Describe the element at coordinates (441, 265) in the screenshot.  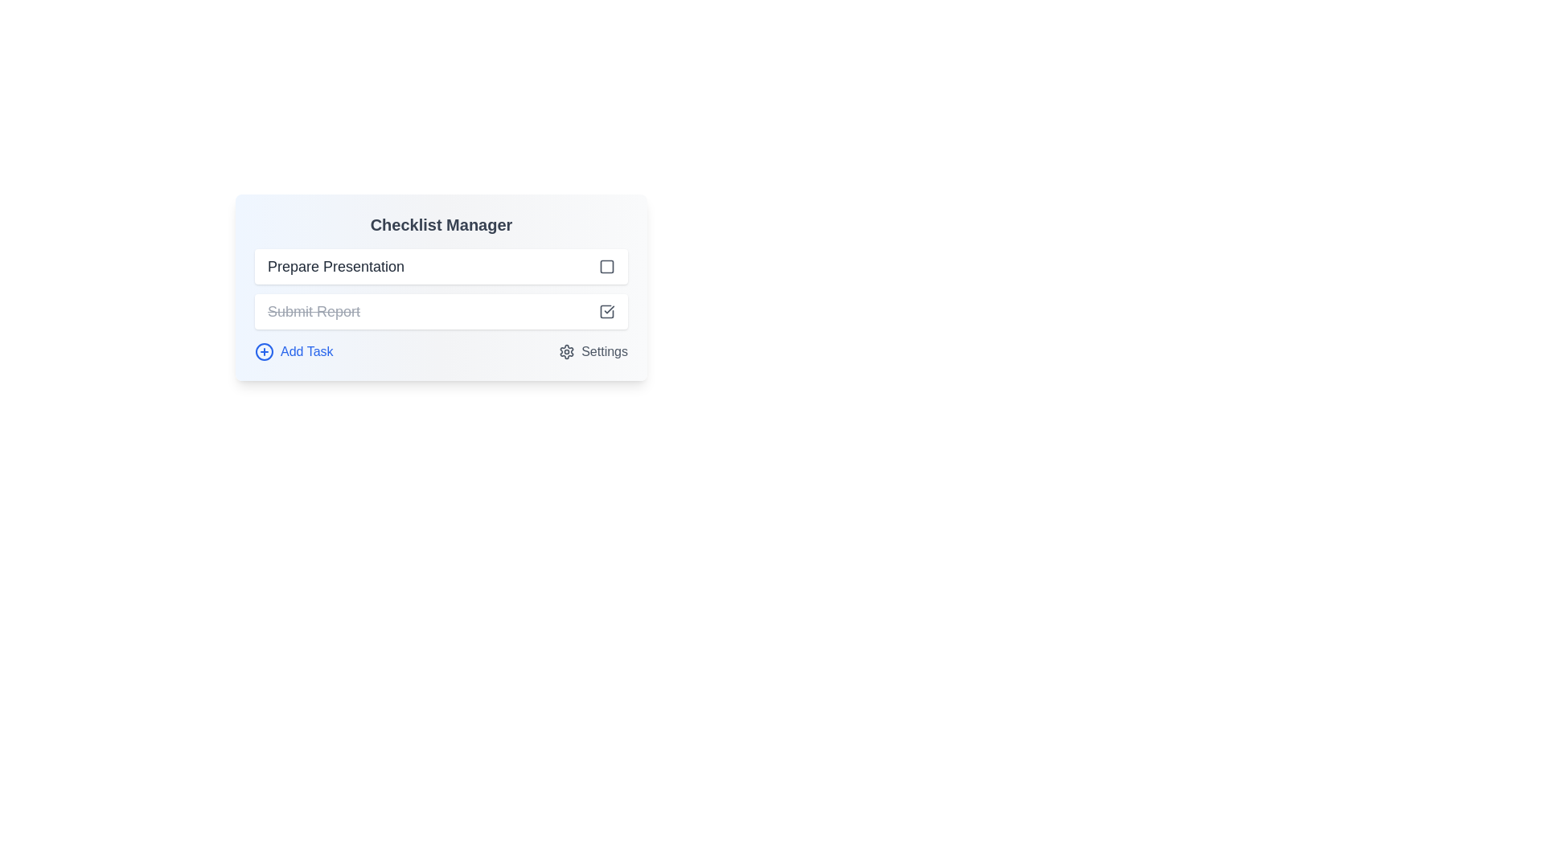
I see `the checkbox associated with the 'Prepare Presentation' task item in the checklist to mark it as complete` at that location.